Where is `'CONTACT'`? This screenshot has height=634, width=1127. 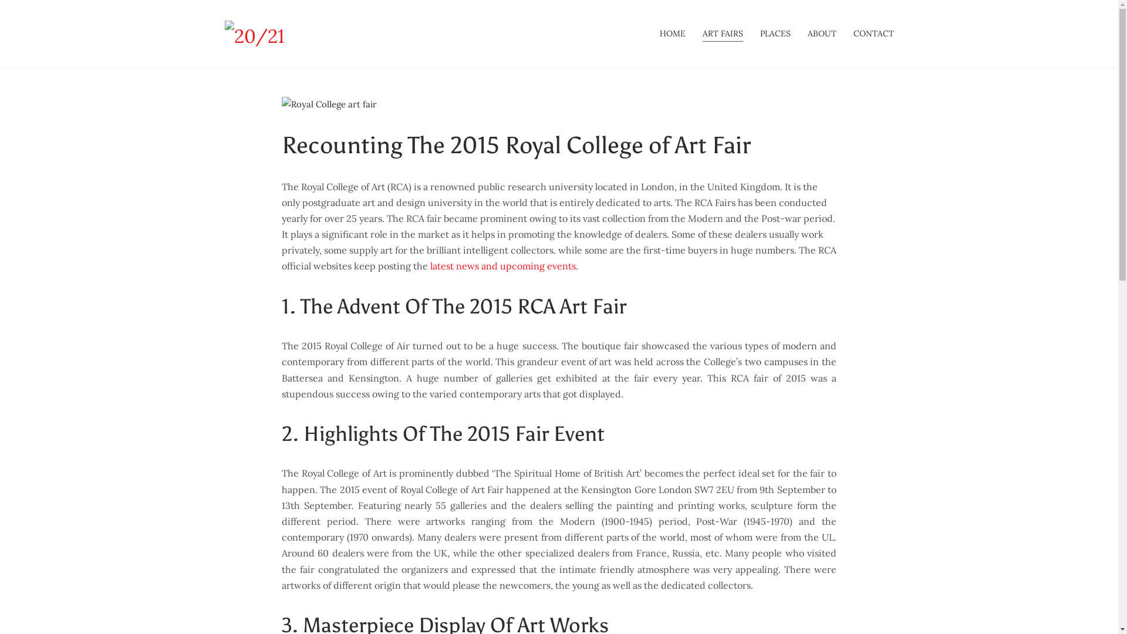
'CONTACT' is located at coordinates (873, 33).